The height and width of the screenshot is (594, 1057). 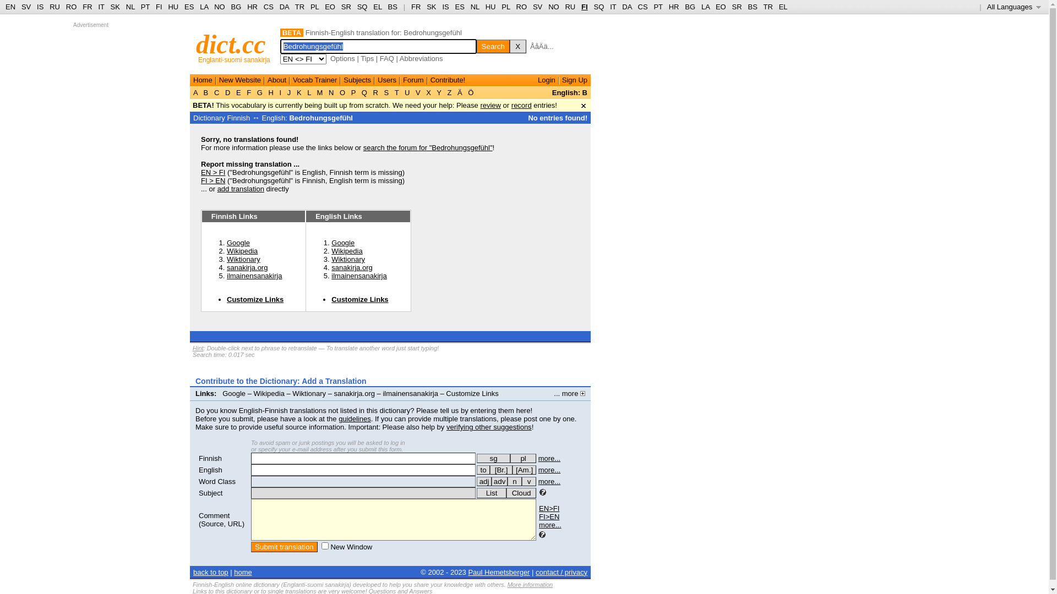 What do you see at coordinates (357, 79) in the screenshot?
I see `'Subjects'` at bounding box center [357, 79].